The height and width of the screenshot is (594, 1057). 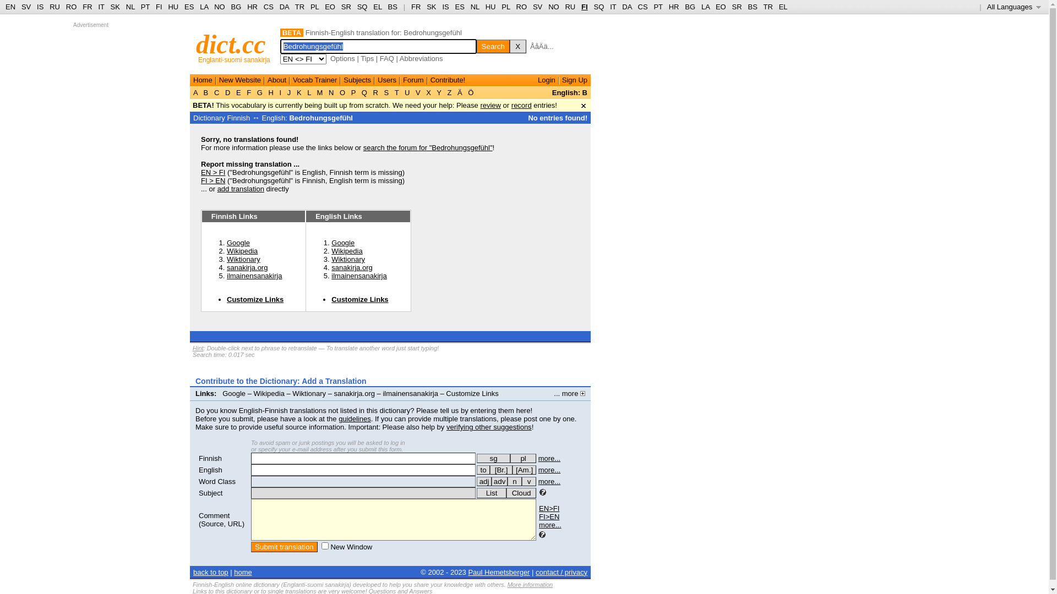 What do you see at coordinates (357, 79) in the screenshot?
I see `'Subjects'` at bounding box center [357, 79].